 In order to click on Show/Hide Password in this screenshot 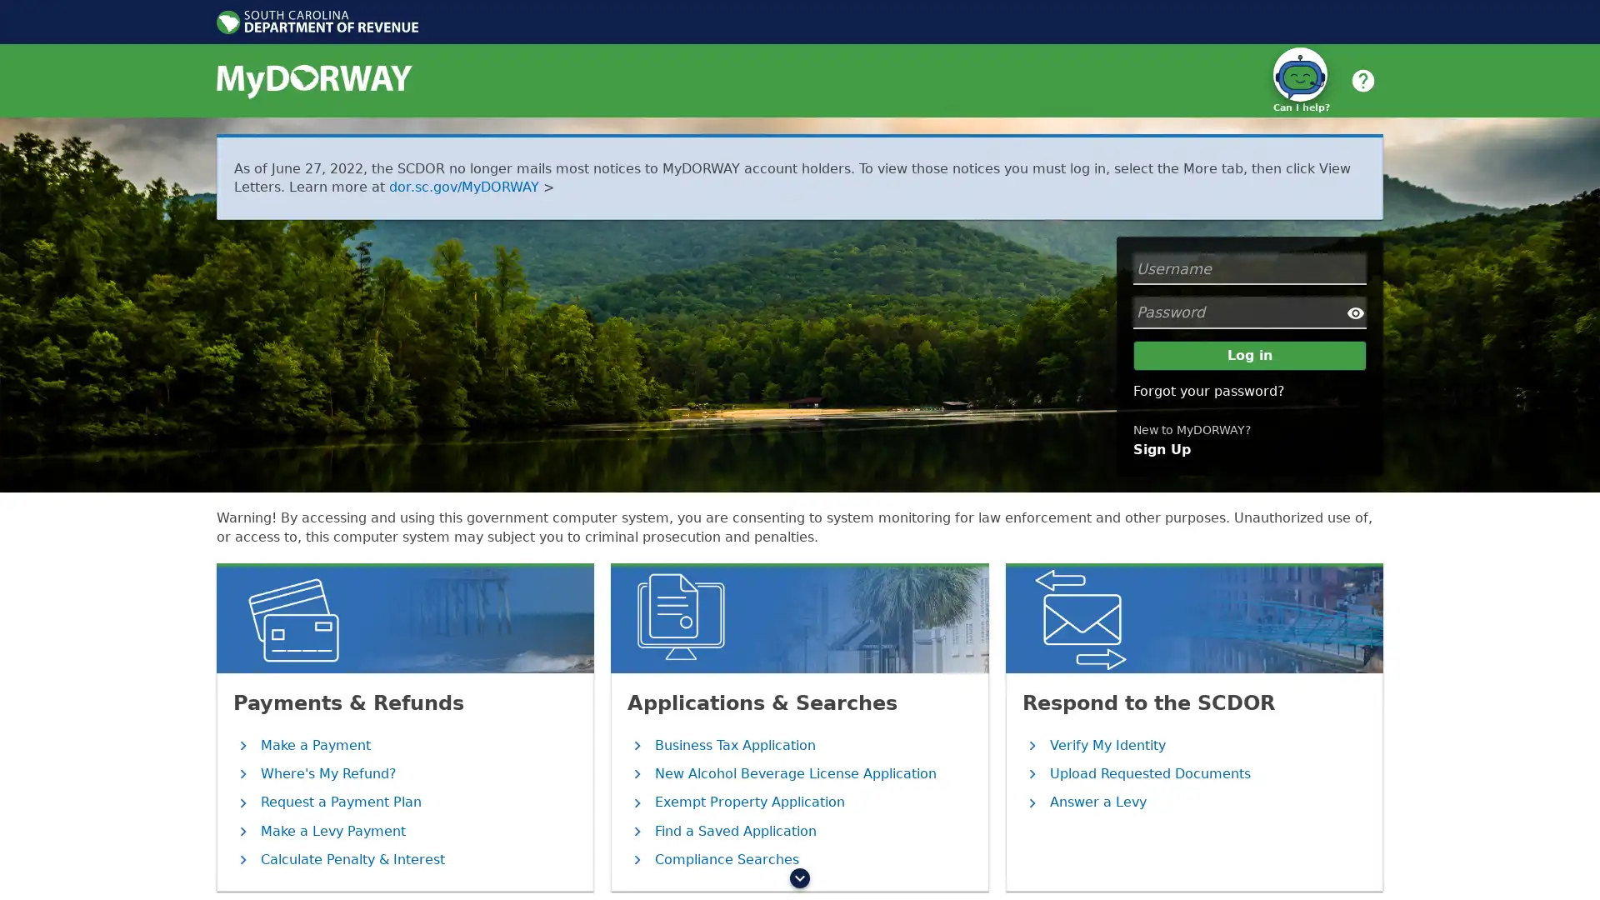, I will do `click(1356, 312)`.